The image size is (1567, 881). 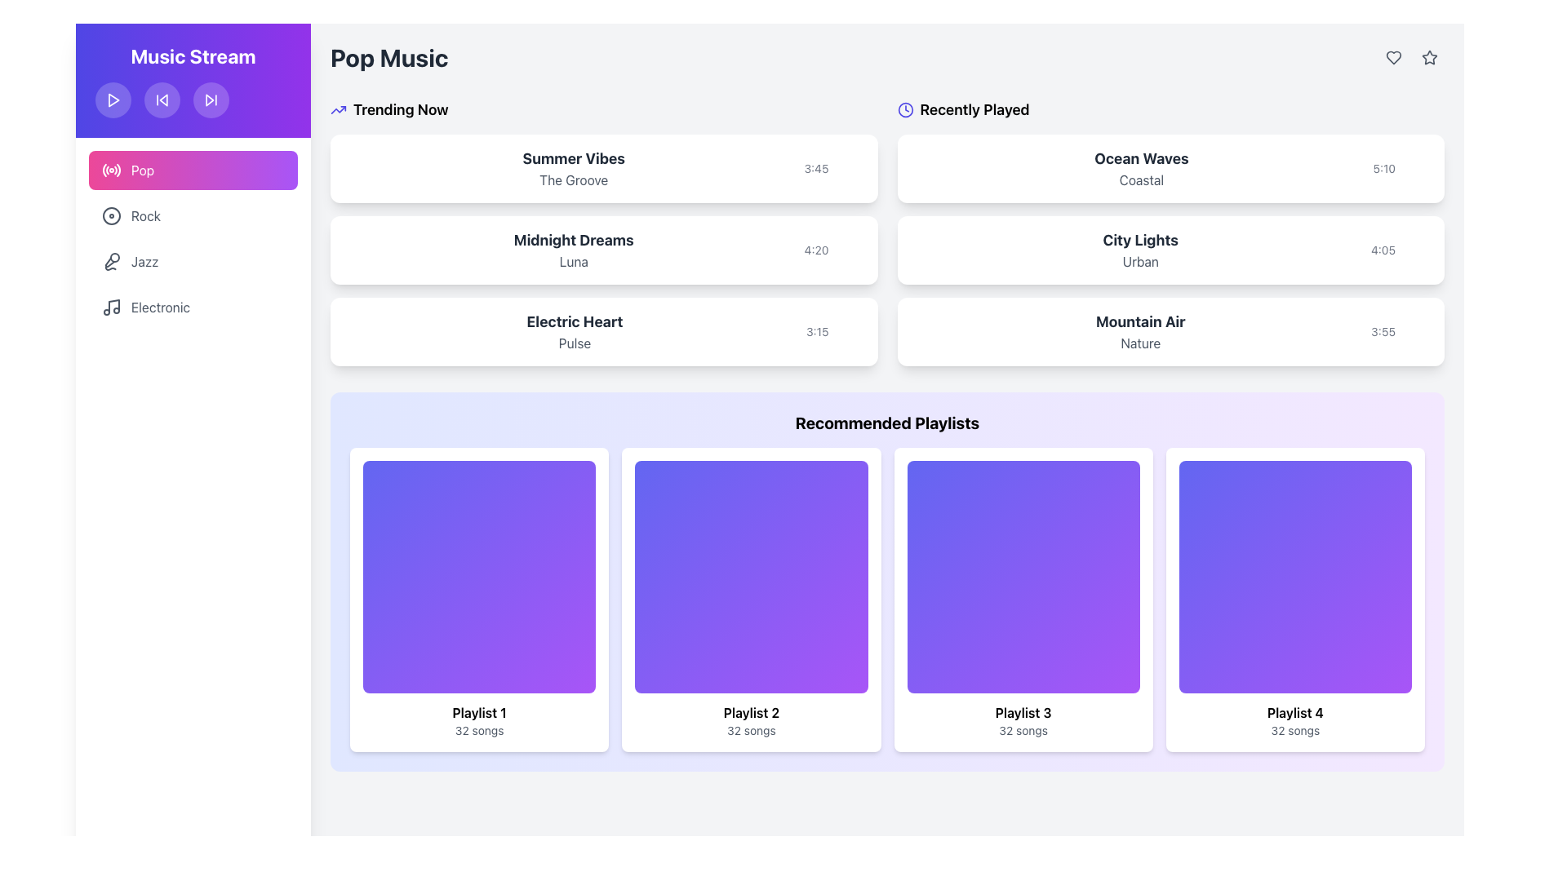 I want to click on the 'Previous' button icon located in the left-aligned vertical menu bar under 'Music Stream', to the right of the 'Play' button, so click(x=163, y=100).